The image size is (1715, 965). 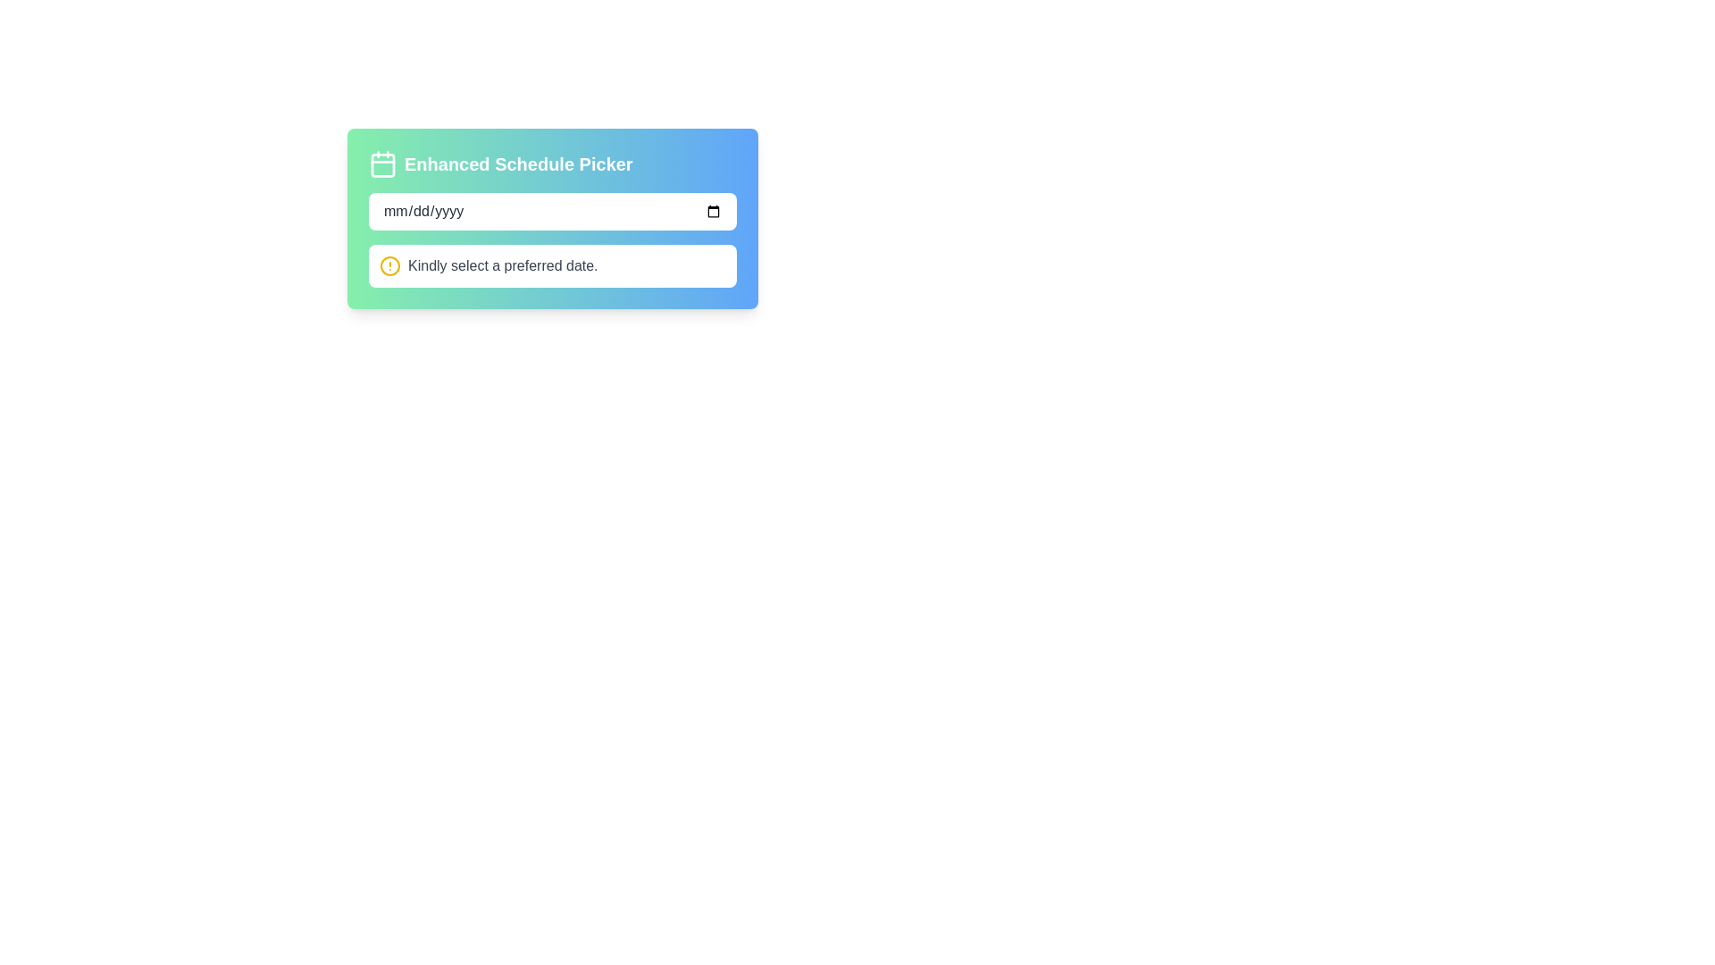 I want to click on informational text that instructs the user to select a preferred date, which is located within a white rectangular area below the input field, so click(x=552, y=265).